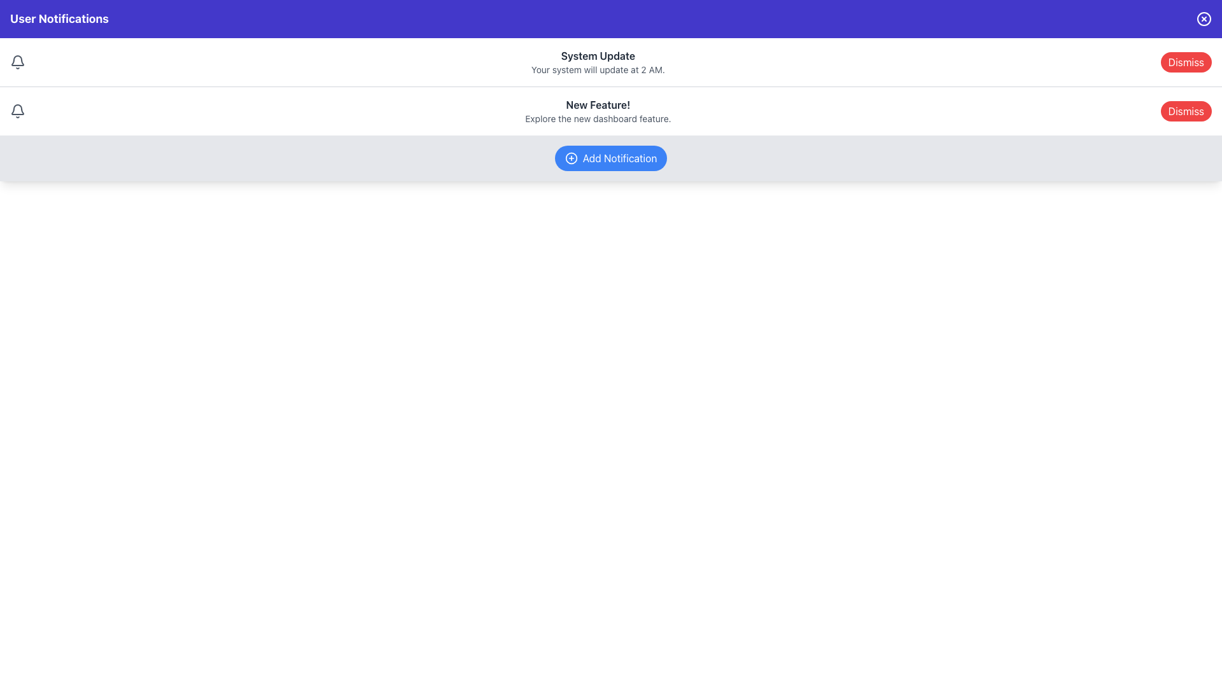  What do you see at coordinates (597, 110) in the screenshot?
I see `the notification text block that presents updates about a new dashboard feature, located centrally in the second notification box between 'System Update' and 'Add Notification'` at bounding box center [597, 110].